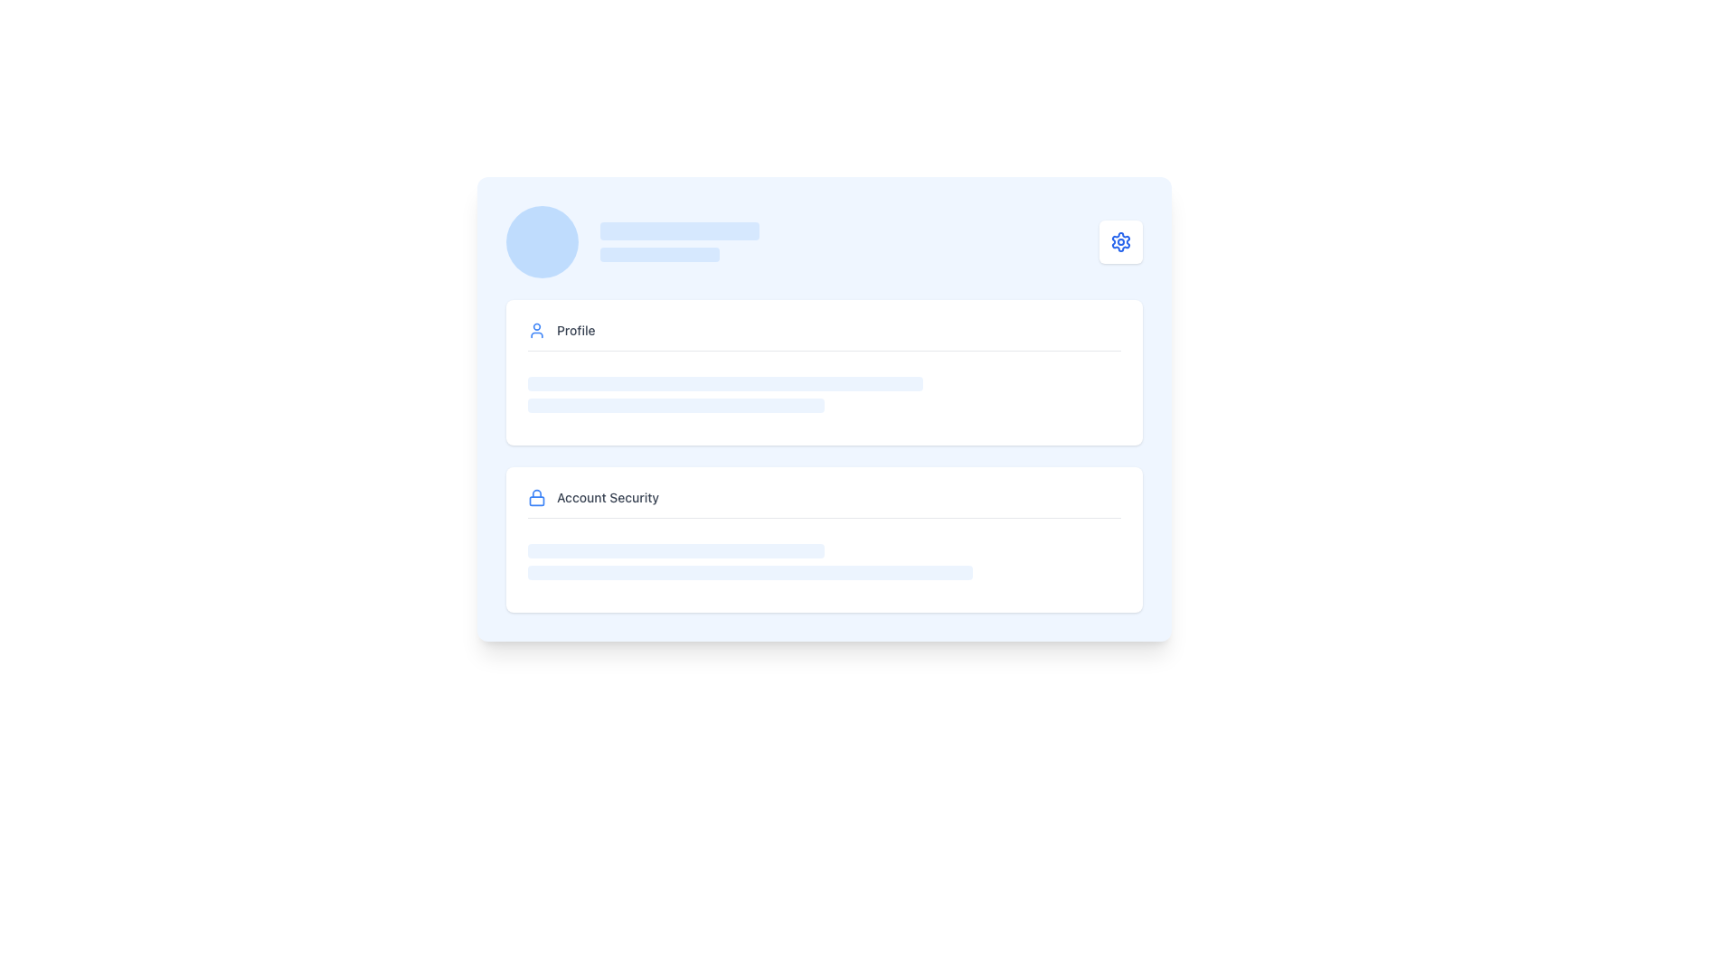 The height and width of the screenshot is (976, 1736). What do you see at coordinates (675, 404) in the screenshot?
I see `the Progress indicator or placeholder bar located under the 'Profile' section with a light blue background and rounded corners` at bounding box center [675, 404].